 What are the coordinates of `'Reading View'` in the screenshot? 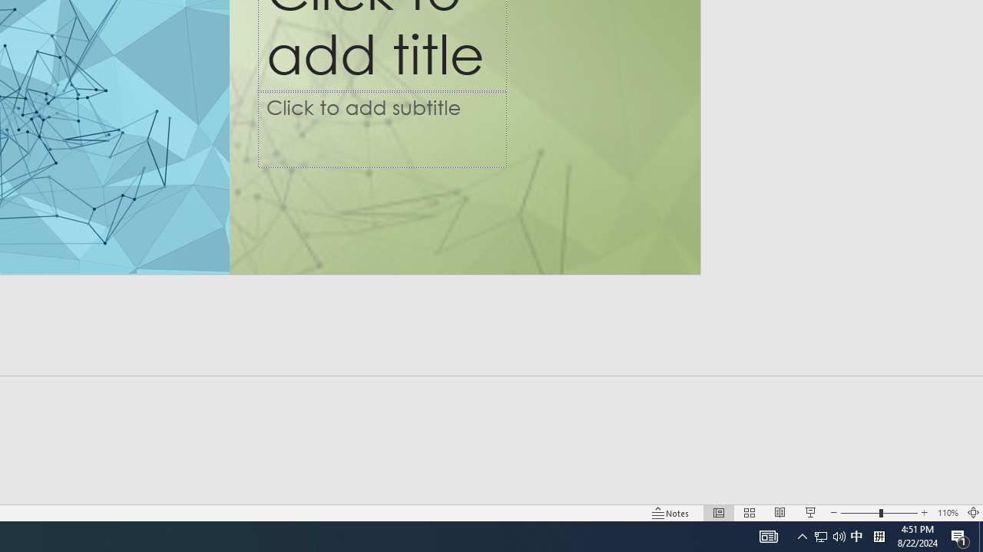 It's located at (779, 513).